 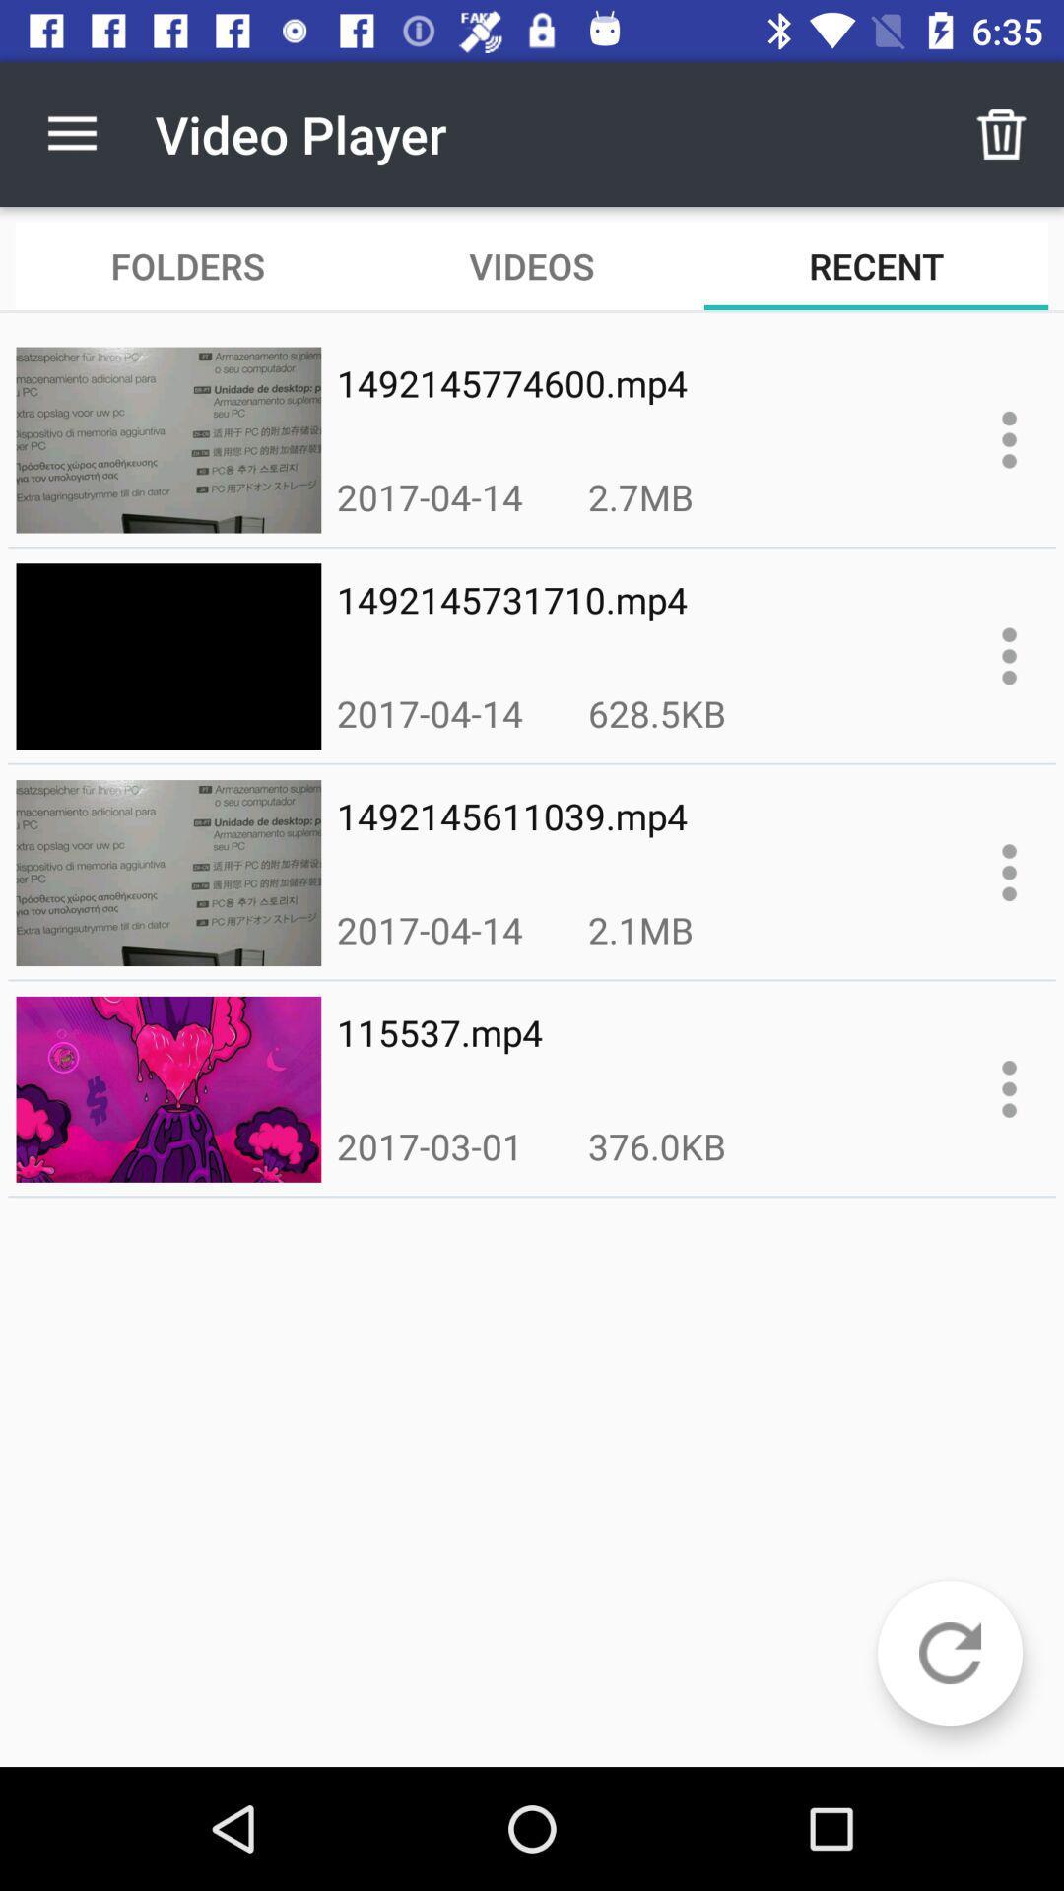 What do you see at coordinates (1009, 872) in the screenshot?
I see `opens up menu to play pause rewind video` at bounding box center [1009, 872].